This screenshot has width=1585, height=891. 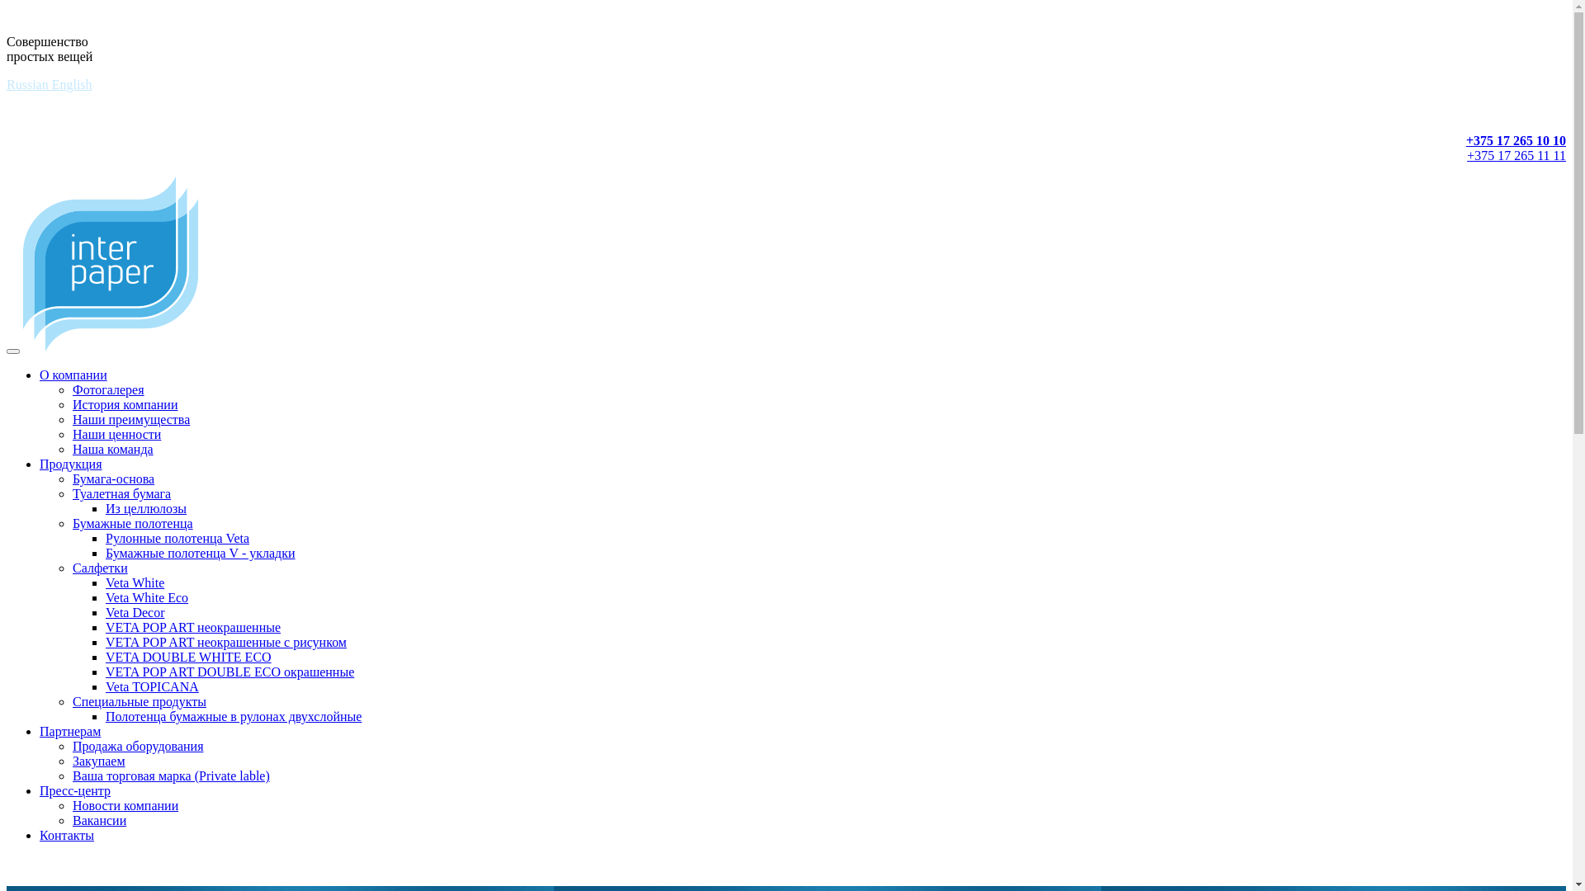 I want to click on 'Veta White', so click(x=105, y=582).